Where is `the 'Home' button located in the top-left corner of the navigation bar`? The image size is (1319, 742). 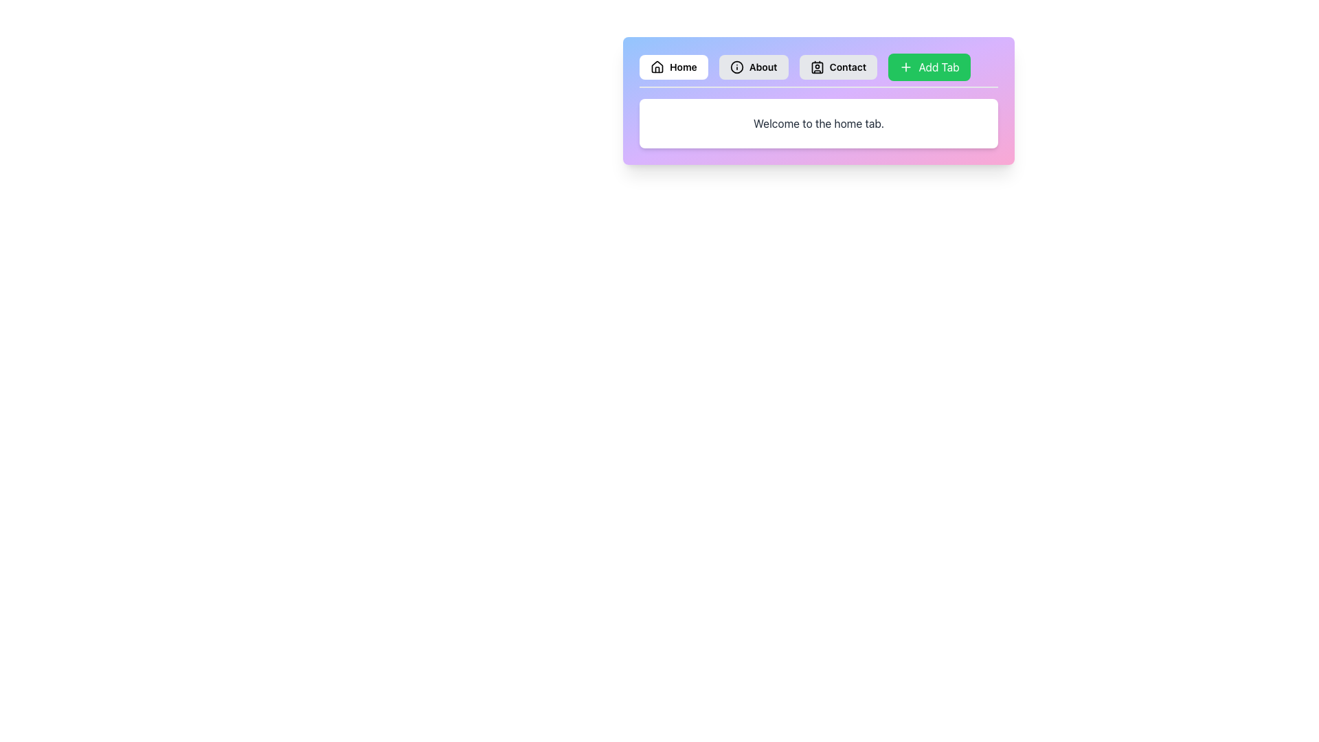
the 'Home' button located in the top-left corner of the navigation bar is located at coordinates (673, 67).